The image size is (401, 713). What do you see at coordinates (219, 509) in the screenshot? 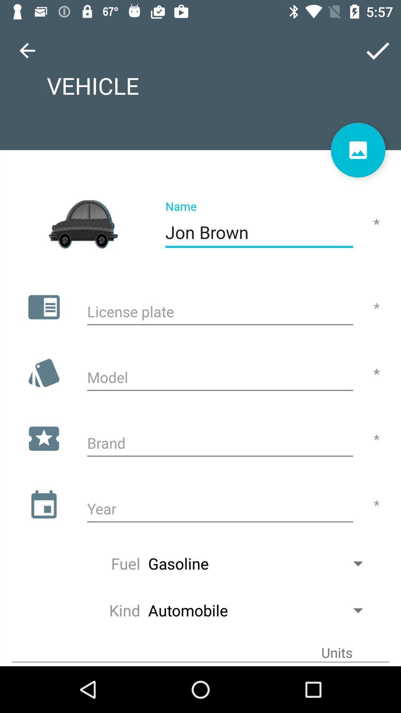
I see `text` at bounding box center [219, 509].